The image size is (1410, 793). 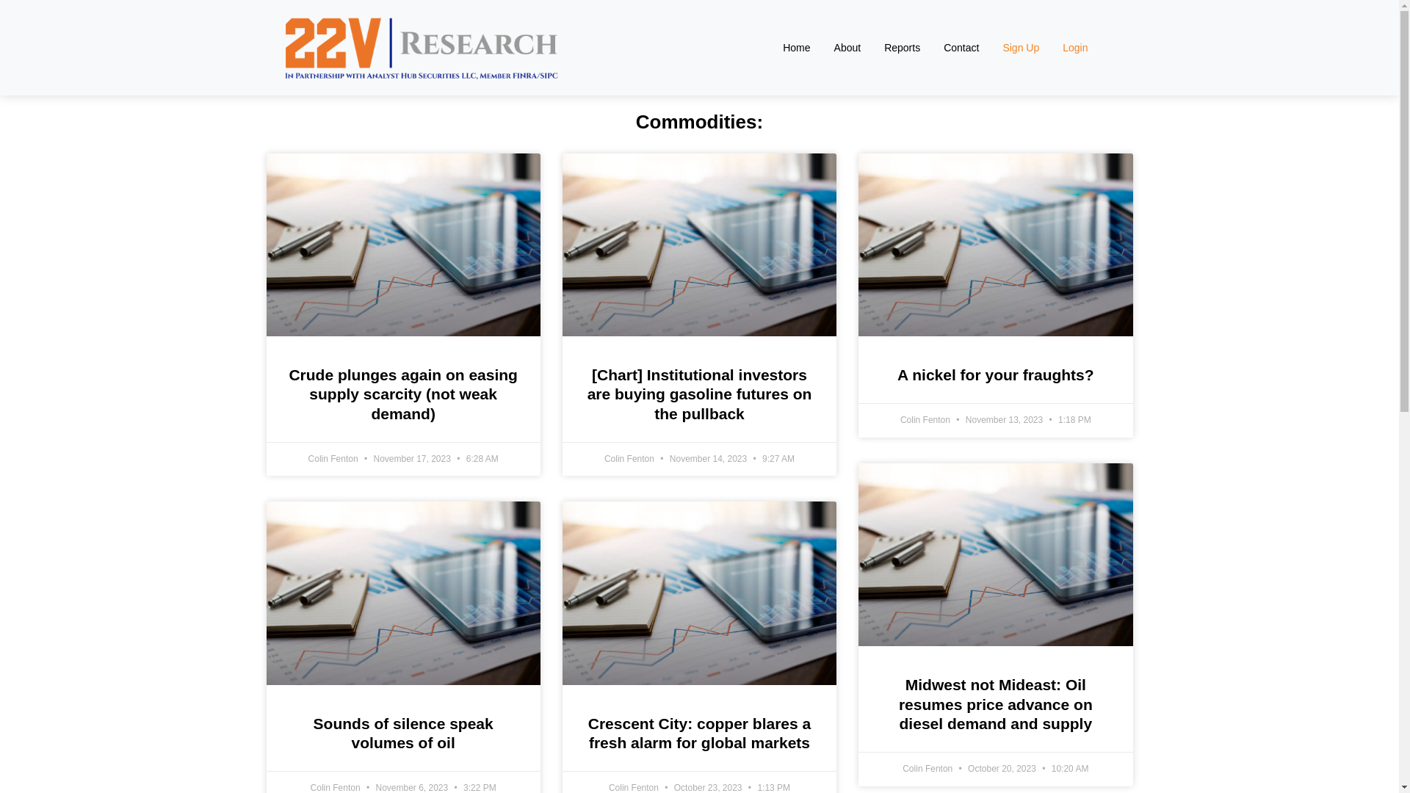 What do you see at coordinates (901, 47) in the screenshot?
I see `'Reports'` at bounding box center [901, 47].